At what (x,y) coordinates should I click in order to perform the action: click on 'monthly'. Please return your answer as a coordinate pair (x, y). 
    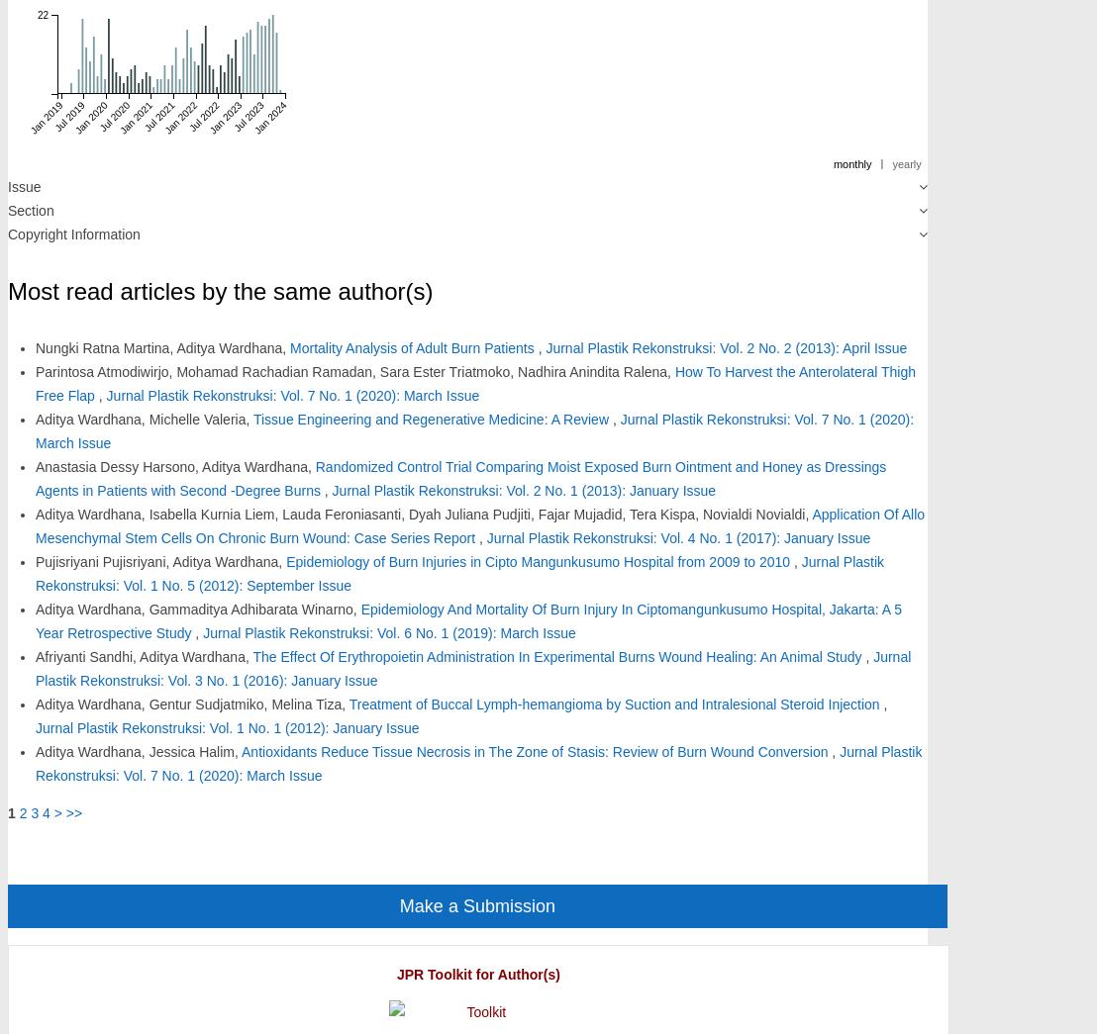
    Looking at the image, I should click on (851, 162).